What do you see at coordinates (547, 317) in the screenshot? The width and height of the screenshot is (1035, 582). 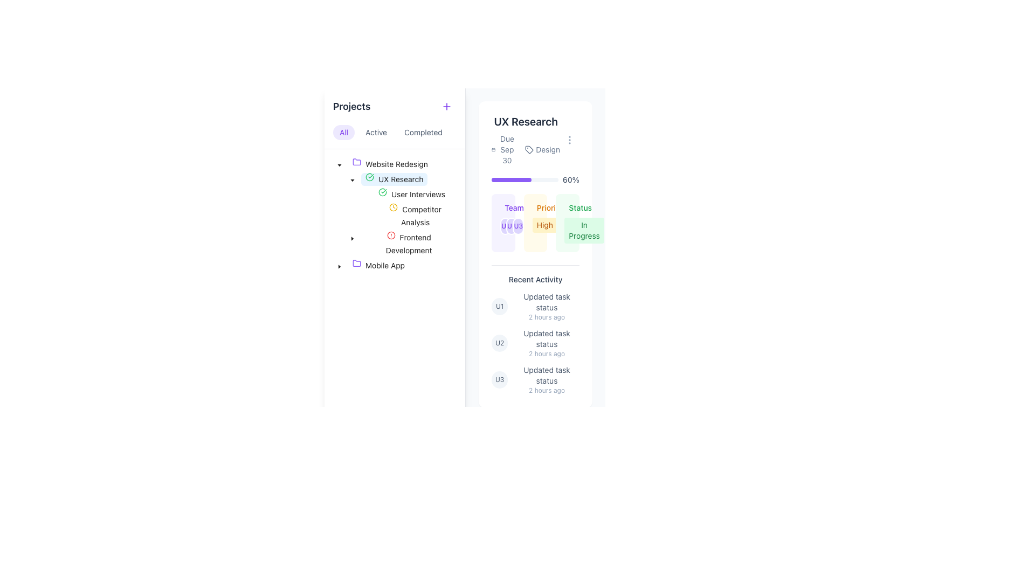 I see `the static text label displaying '2 hours ago', which indicates the time elapsed since an action occurred, located below the 'Updated task status' text in the recent activities section` at bounding box center [547, 317].